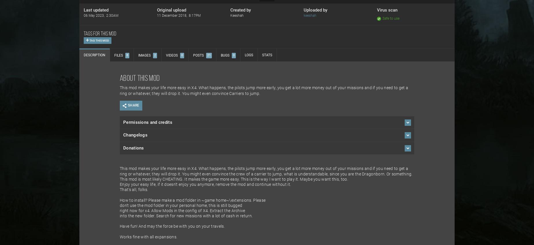 The width and height of the screenshot is (534, 245). I want to click on 'don't use the mod folder in your personal home, this is still bugged', so click(181, 205).